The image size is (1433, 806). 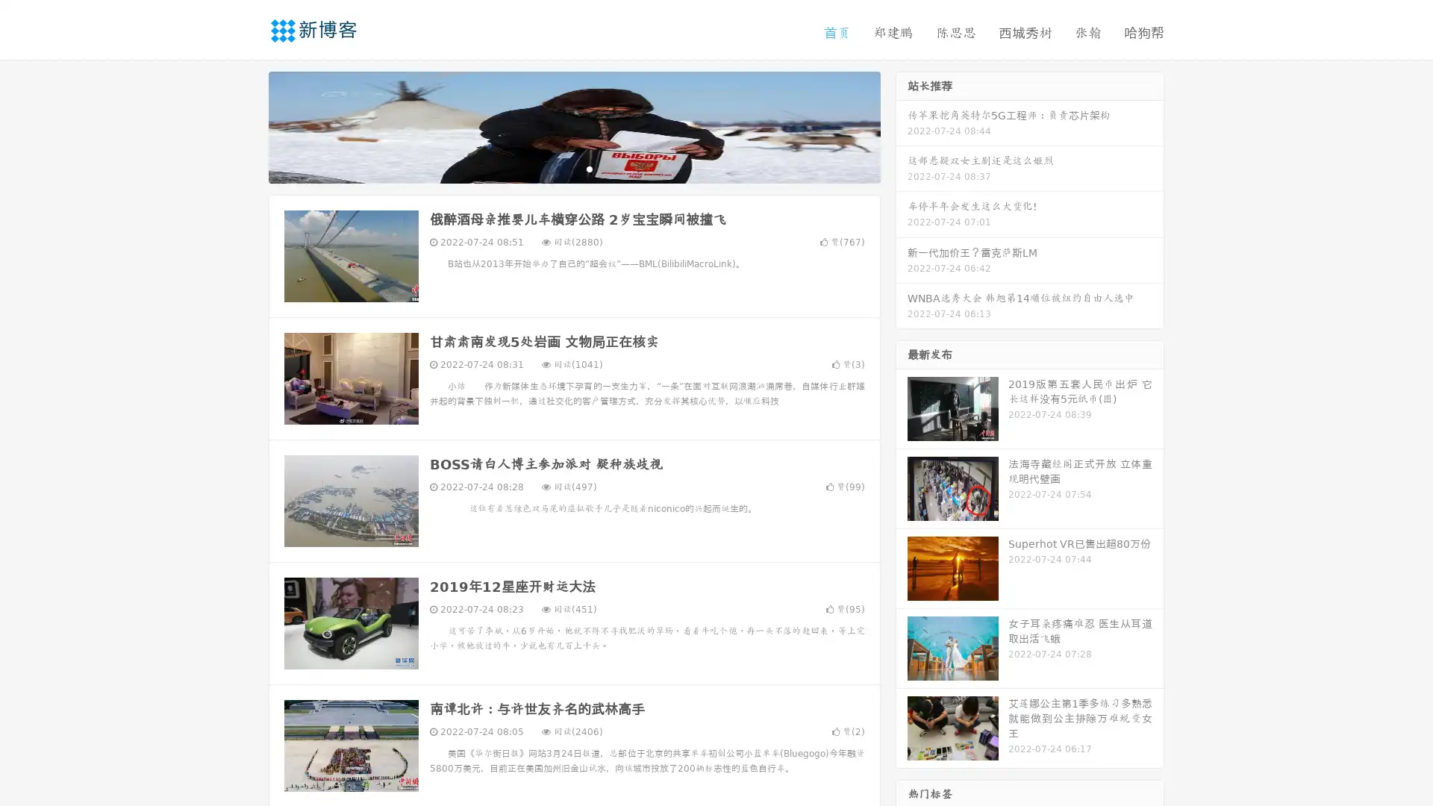 I want to click on Go to slide 1, so click(x=558, y=168).